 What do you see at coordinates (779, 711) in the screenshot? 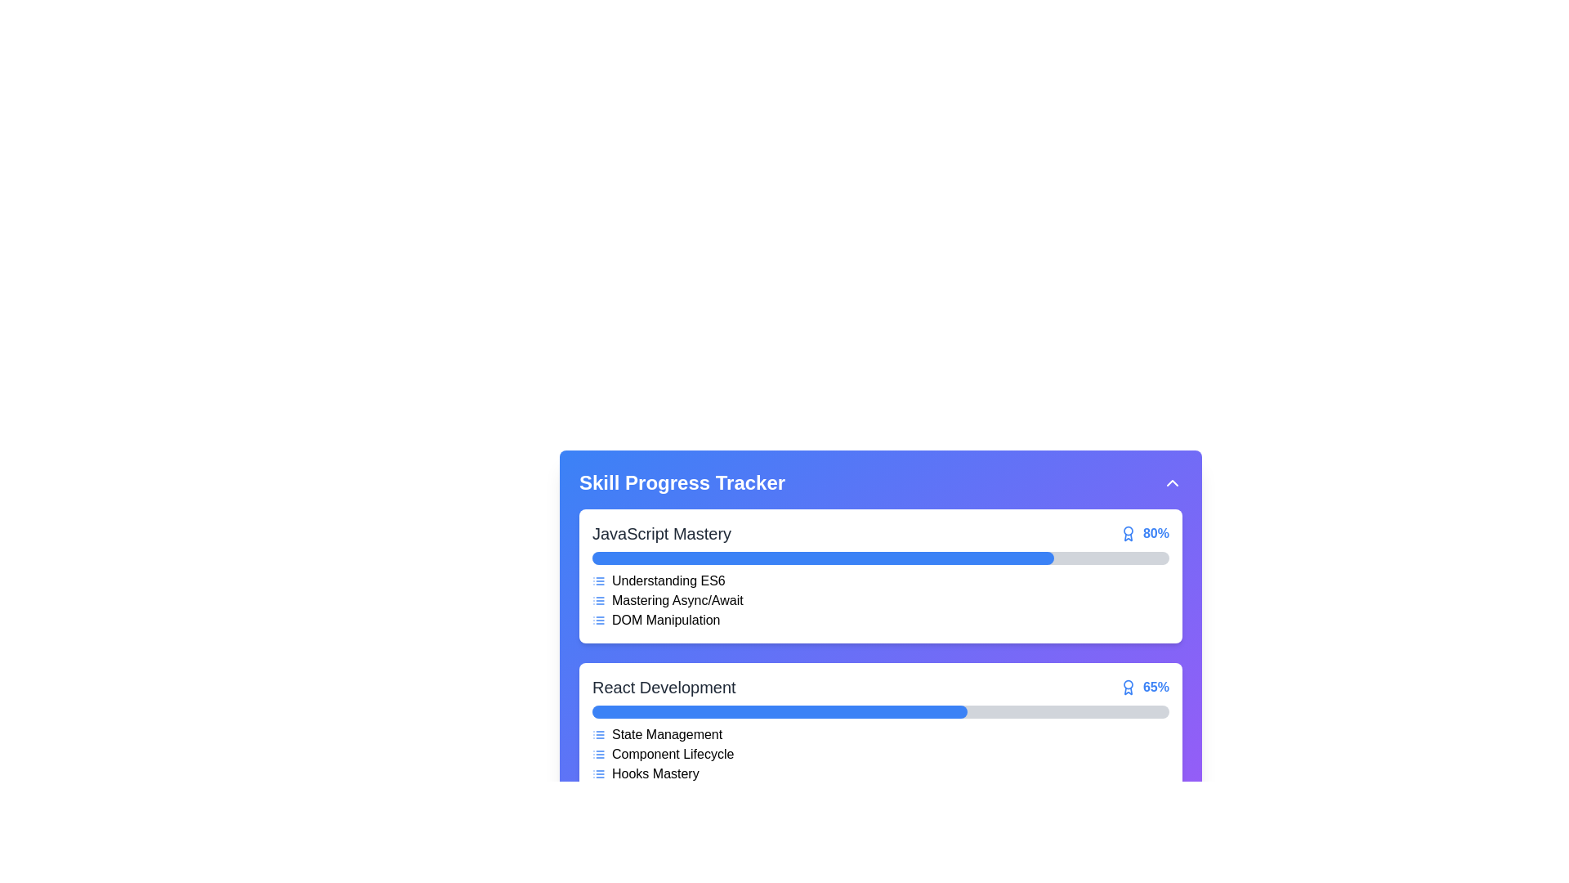
I see `the filled portion of the progress bar for the 'React Development' skill, which indicates the progress visually and corresponds to the 65% completion of the skill` at bounding box center [779, 711].